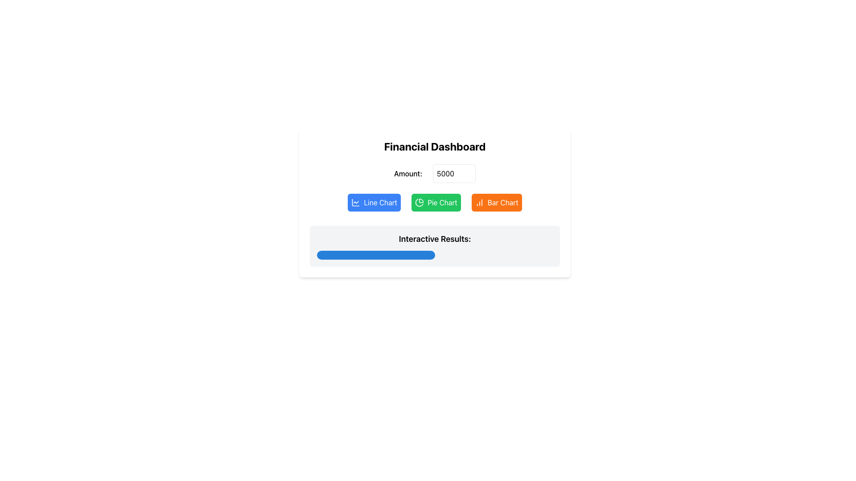 This screenshot has width=856, height=481. I want to click on the orange button labeled 'Bar Chart' with white text, so click(496, 203).